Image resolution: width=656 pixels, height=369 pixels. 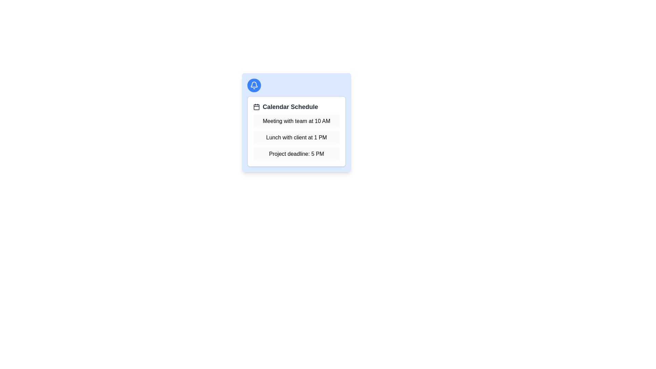 What do you see at coordinates (256, 107) in the screenshot?
I see `the small calendar icon, which is styled with a thin black outline and positioned to the left of the 'Calendar Schedule' text` at bounding box center [256, 107].